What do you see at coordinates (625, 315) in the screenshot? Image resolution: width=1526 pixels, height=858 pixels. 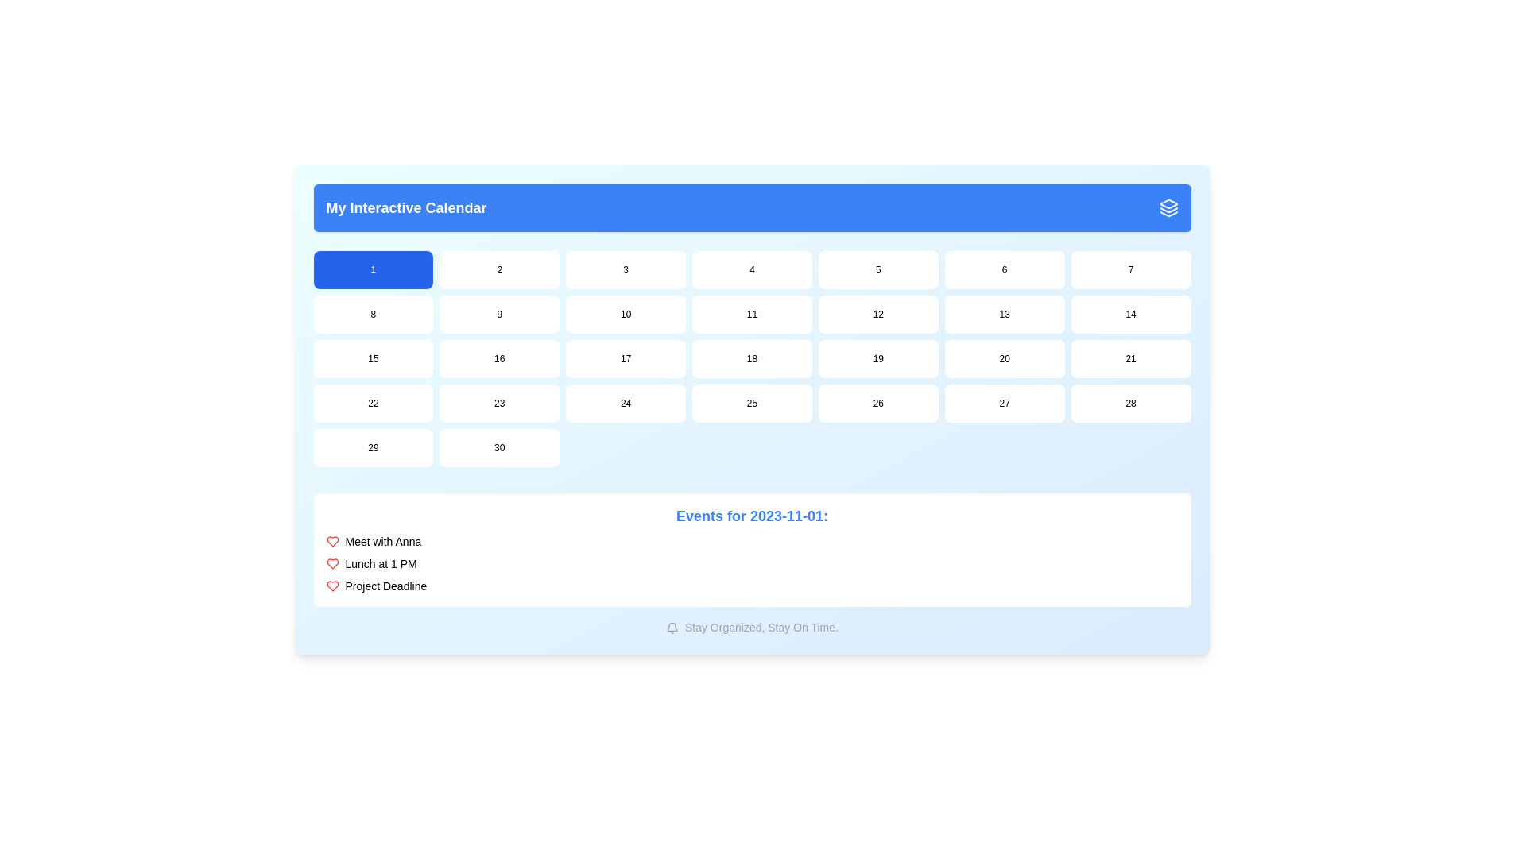 I see `the button labeled '10', which is a rounded rectangular box with a white background located in the second row and third column of the calendar grid` at bounding box center [625, 315].